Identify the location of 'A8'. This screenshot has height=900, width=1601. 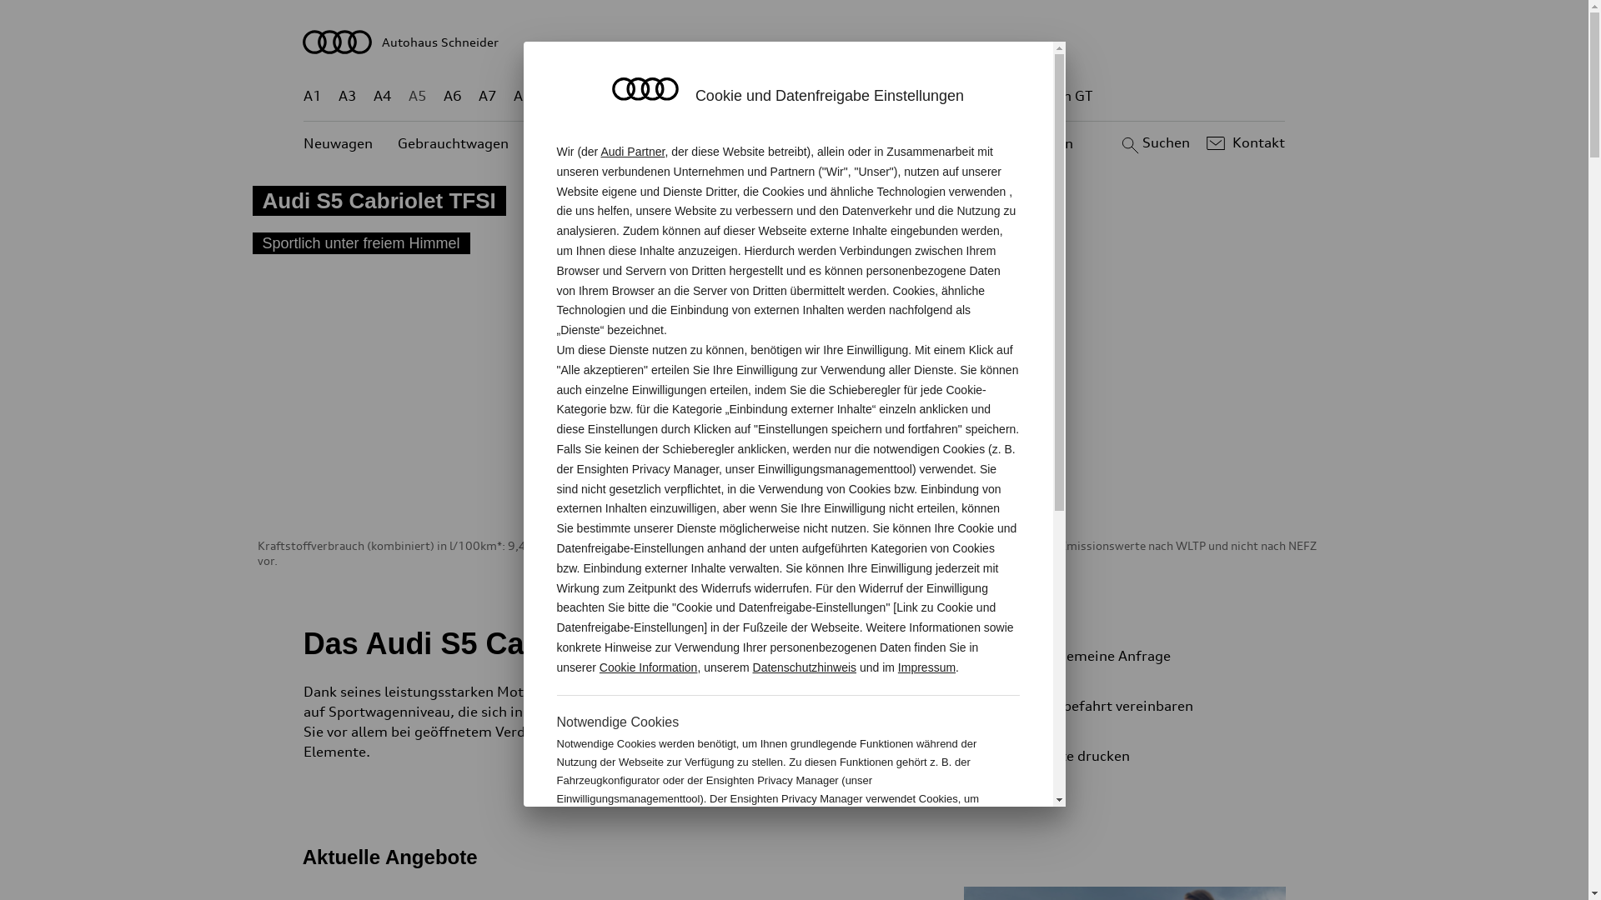
(512, 96).